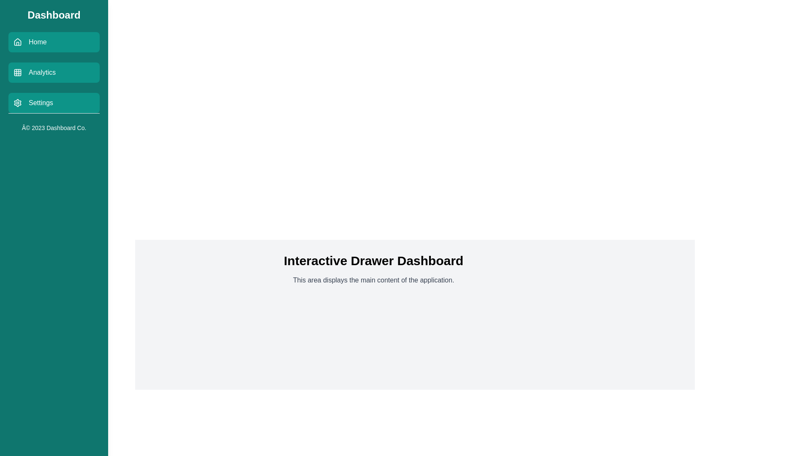 The width and height of the screenshot is (811, 456). I want to click on the Settings menu item to observe its hover effect, so click(54, 102).